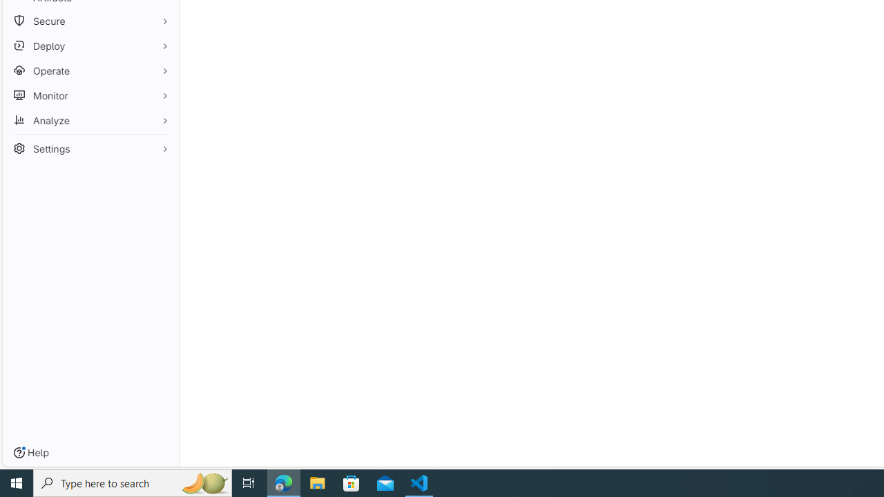 The width and height of the screenshot is (884, 497). I want to click on 'Operate', so click(90, 70).